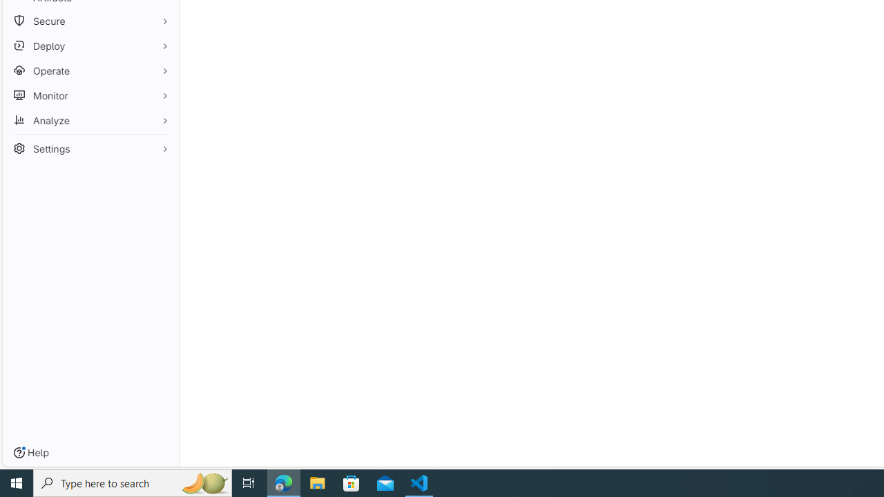 The width and height of the screenshot is (884, 497). I want to click on 'Operate', so click(90, 70).